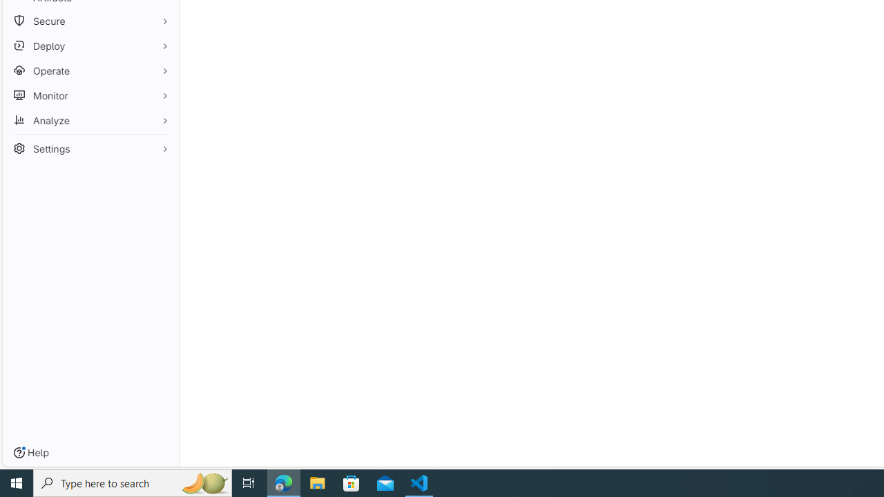 The width and height of the screenshot is (884, 497). I want to click on 'Operate', so click(90, 70).